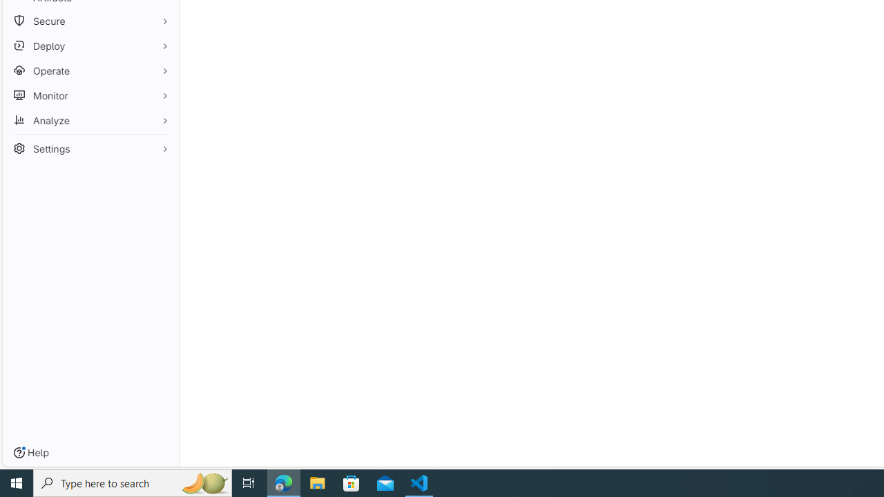 The width and height of the screenshot is (884, 497). I want to click on 'Operate', so click(90, 70).